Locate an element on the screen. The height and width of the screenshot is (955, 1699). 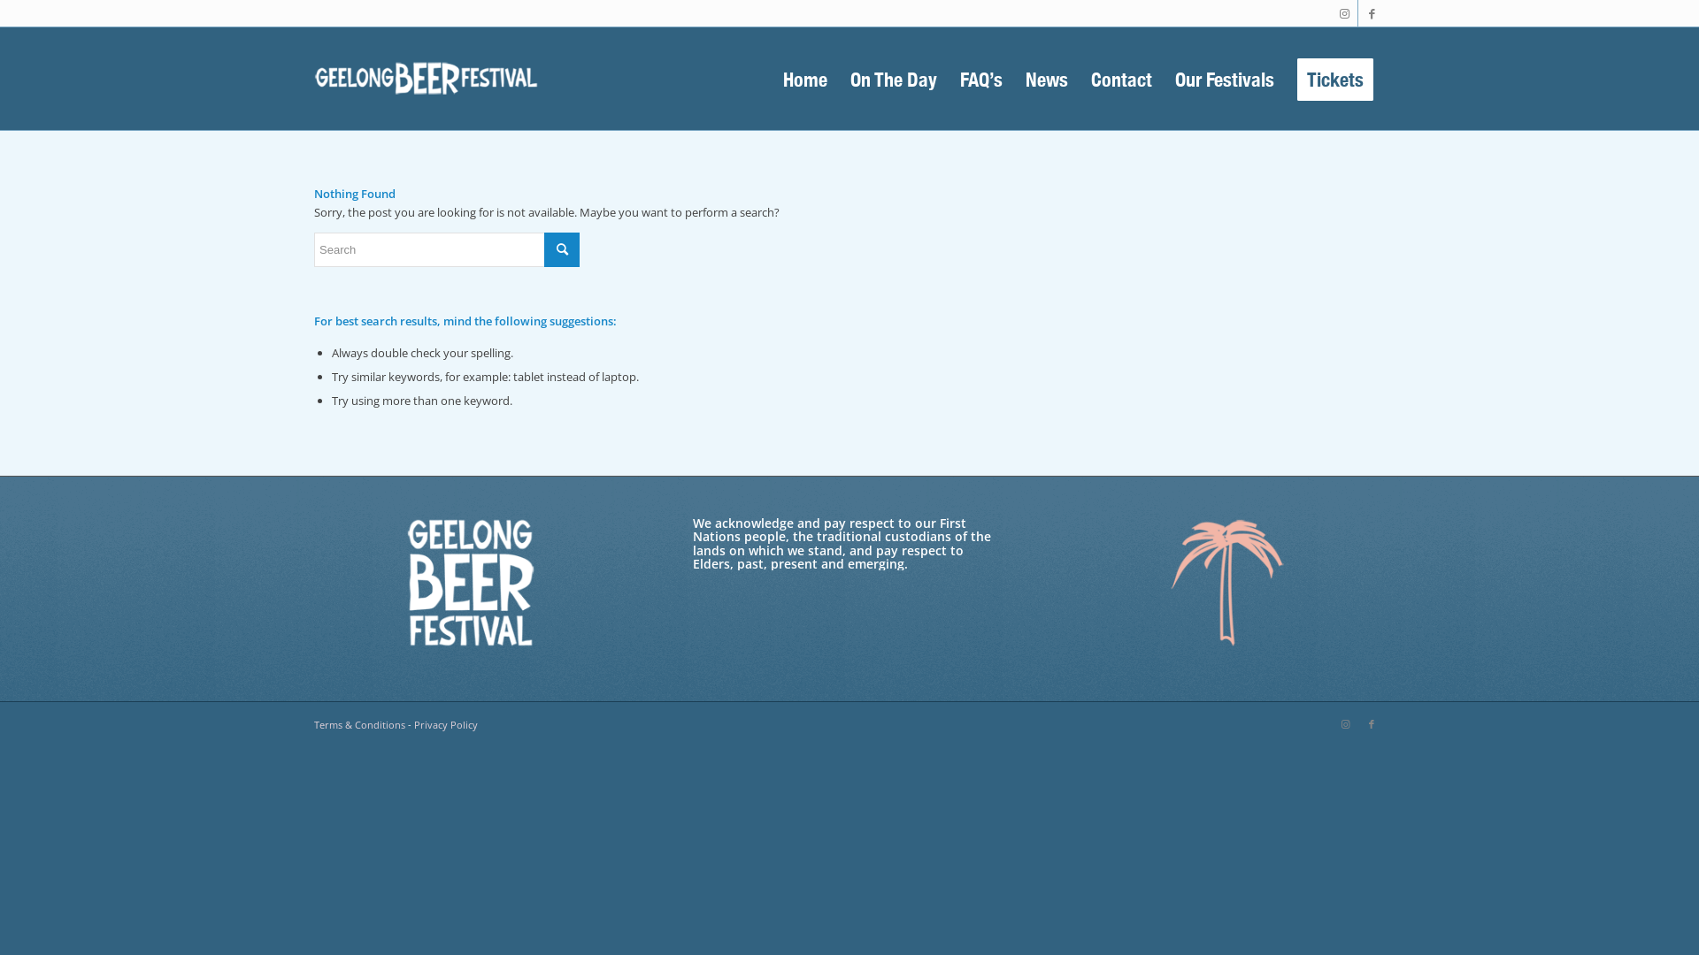
'Our Festivals' is located at coordinates (1164, 77).